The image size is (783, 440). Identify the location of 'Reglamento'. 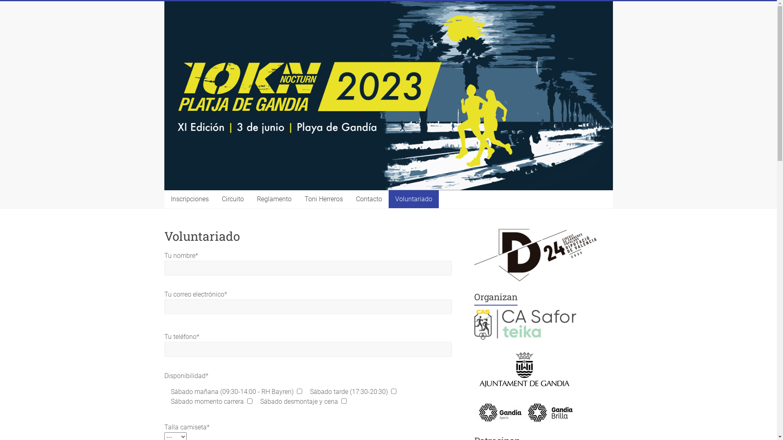
(274, 199).